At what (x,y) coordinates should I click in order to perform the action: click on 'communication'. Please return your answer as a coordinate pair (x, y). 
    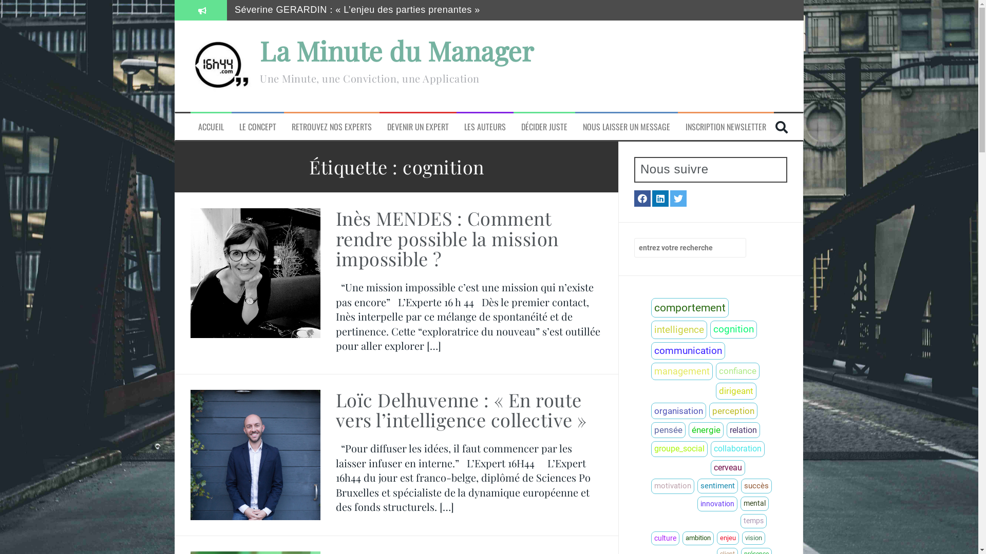
    Looking at the image, I should click on (688, 350).